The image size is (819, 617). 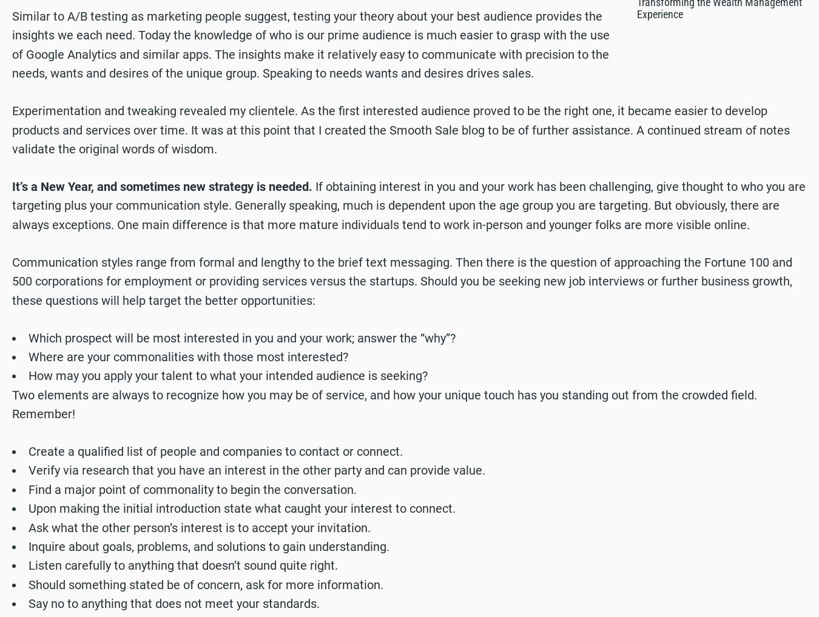 What do you see at coordinates (187, 356) in the screenshot?
I see `'Where are your commonalities with those most interested?'` at bounding box center [187, 356].